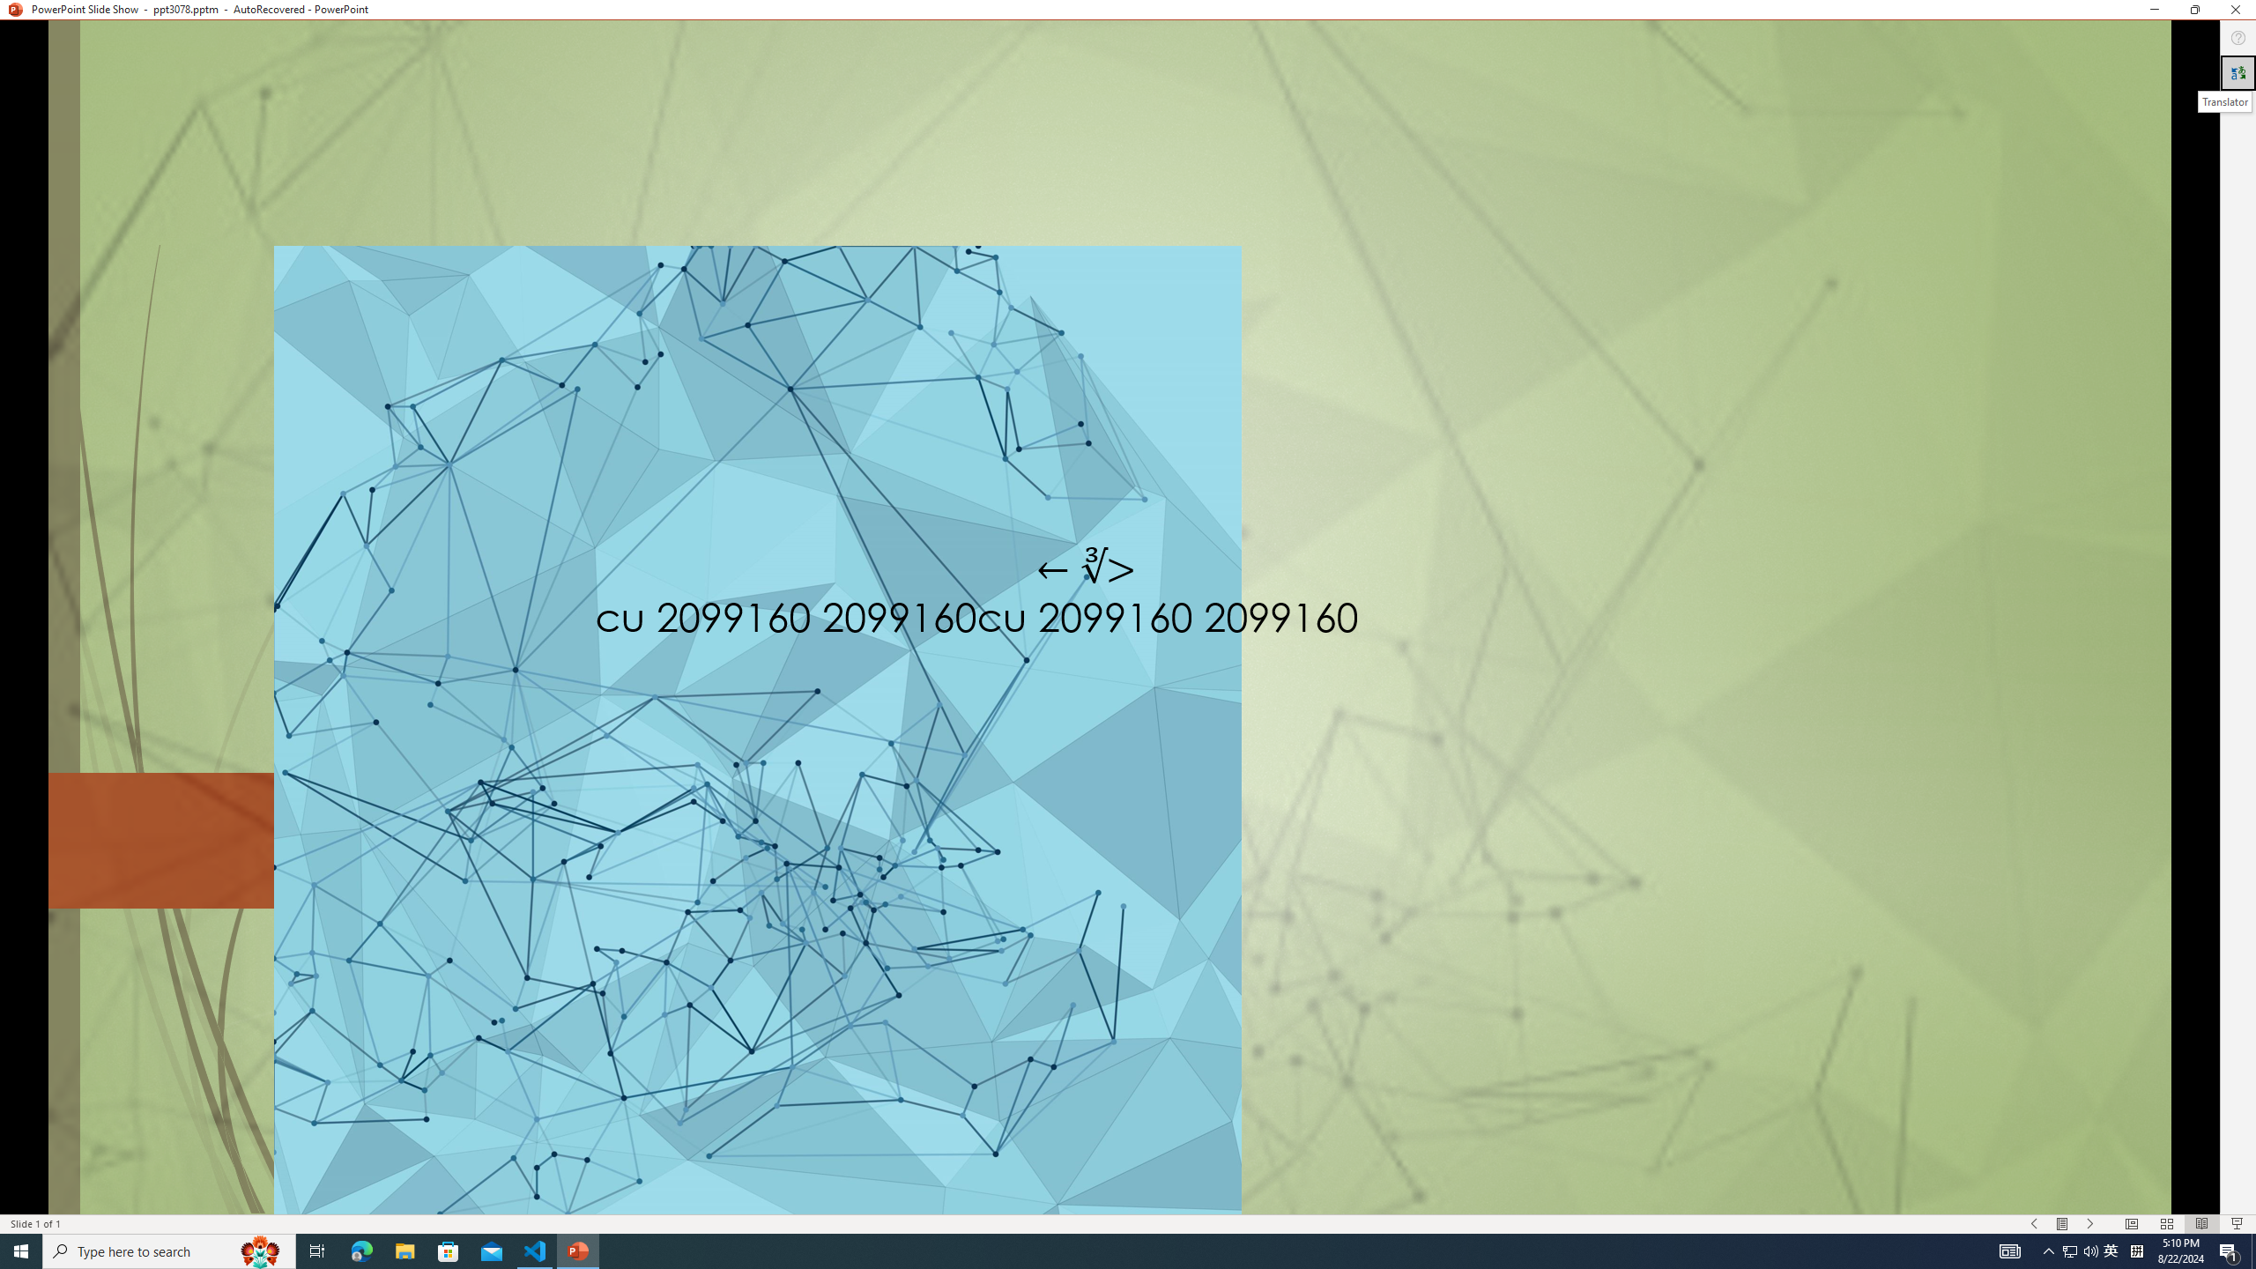 The height and width of the screenshot is (1269, 2256). Describe the element at coordinates (2223, 100) in the screenshot. I see `'Translator'` at that location.